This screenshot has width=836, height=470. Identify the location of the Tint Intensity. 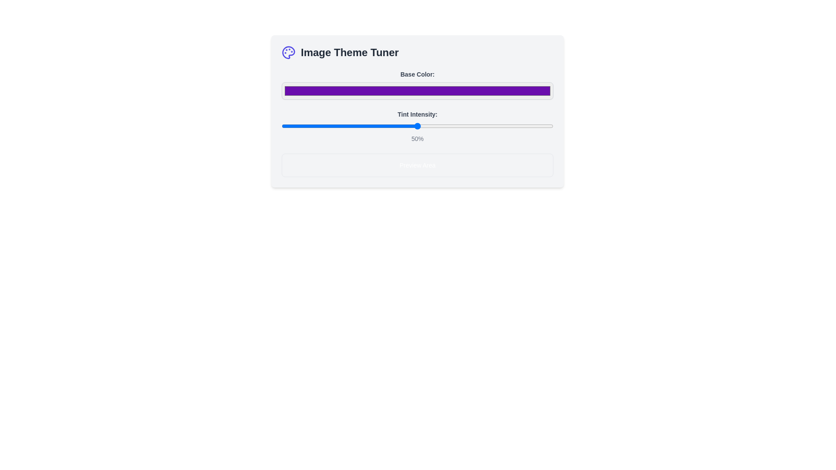
(327, 126).